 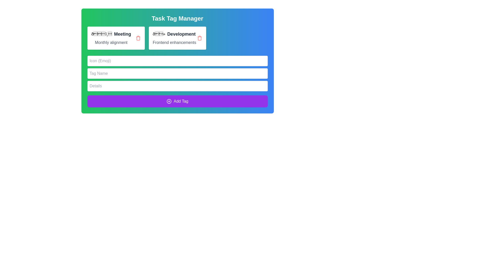 What do you see at coordinates (123, 34) in the screenshot?
I see `text label that displays the title of the associated card, located to the right of the emoji '📓' in the top-left card under the 'Task Tag Manager' header` at bounding box center [123, 34].